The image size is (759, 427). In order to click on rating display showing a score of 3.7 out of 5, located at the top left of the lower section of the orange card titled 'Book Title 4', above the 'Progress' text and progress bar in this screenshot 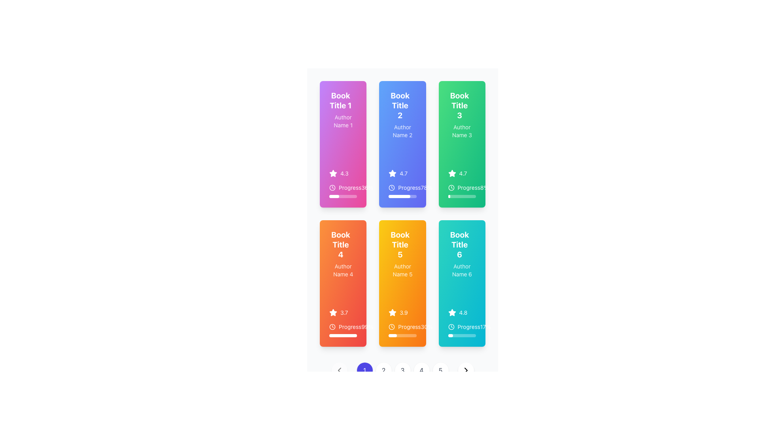, I will do `click(343, 312)`.